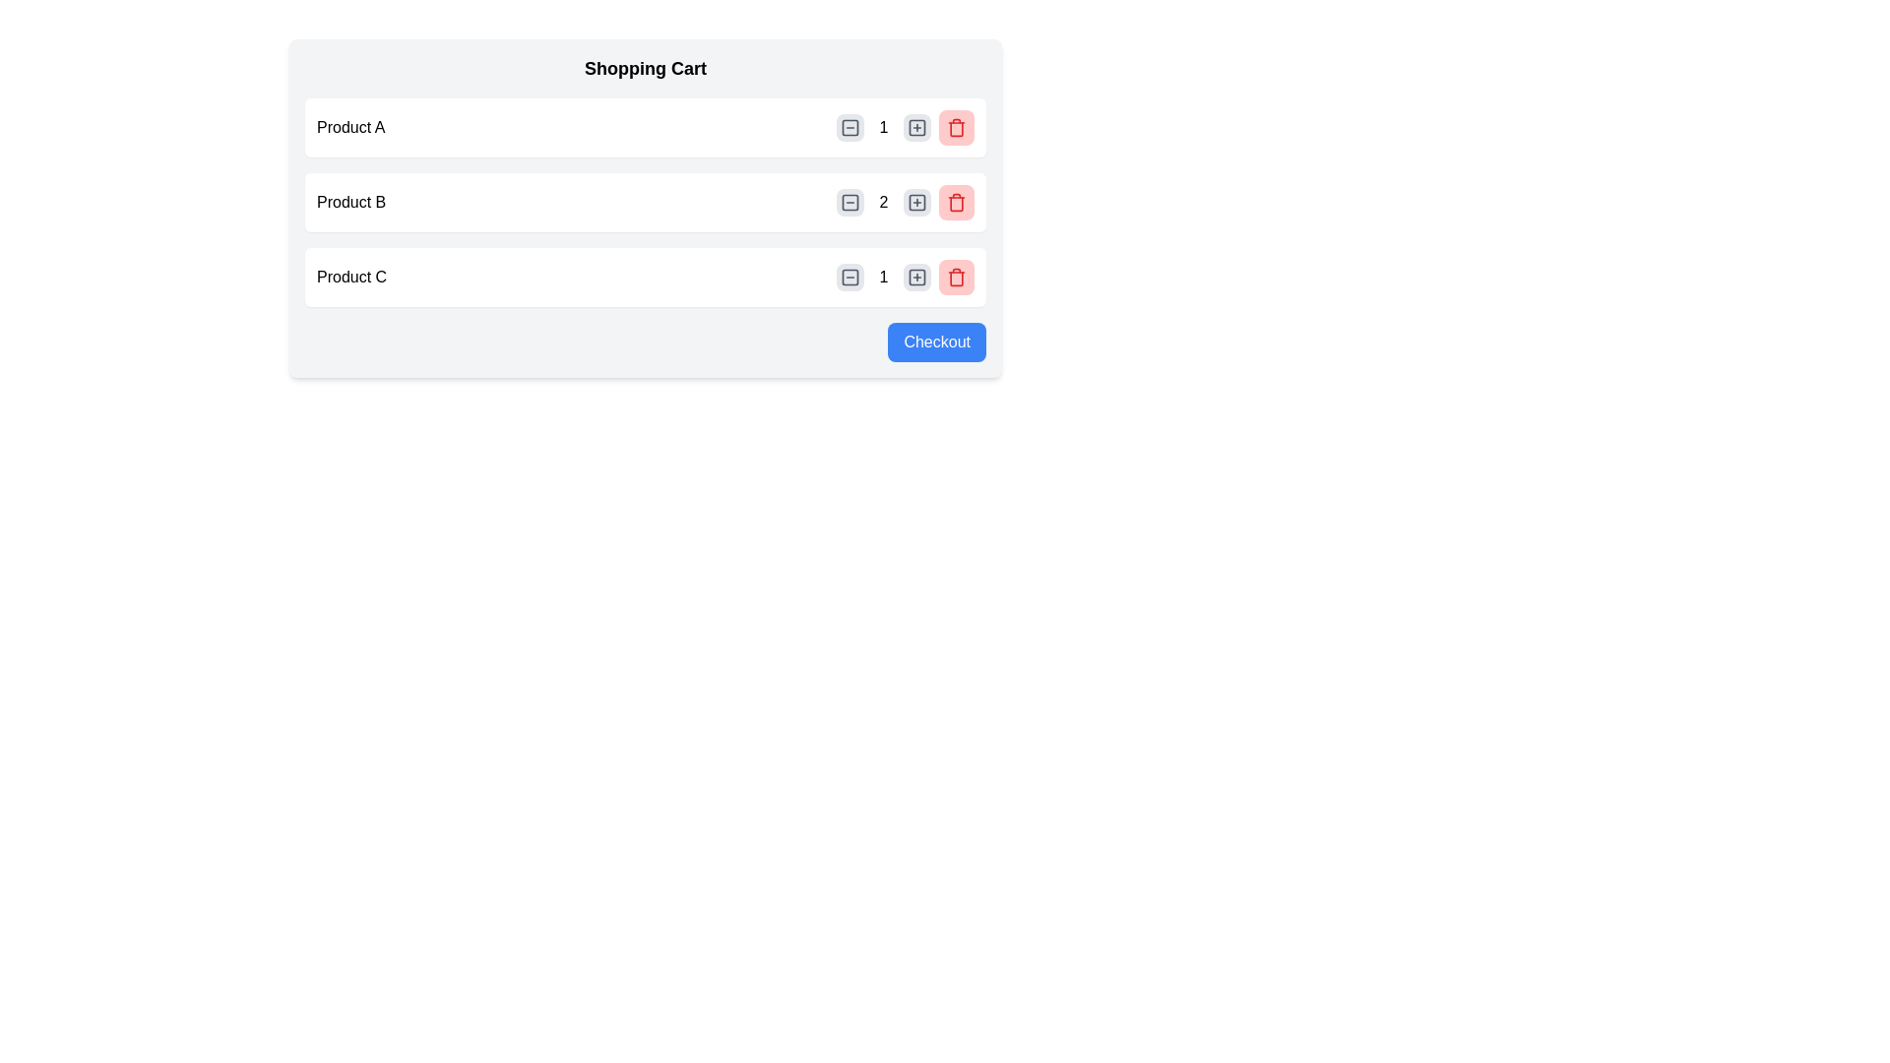  Describe the element at coordinates (850, 202) in the screenshot. I see `the square-shaped decrement button for 'Product B' in the shopping cart` at that location.